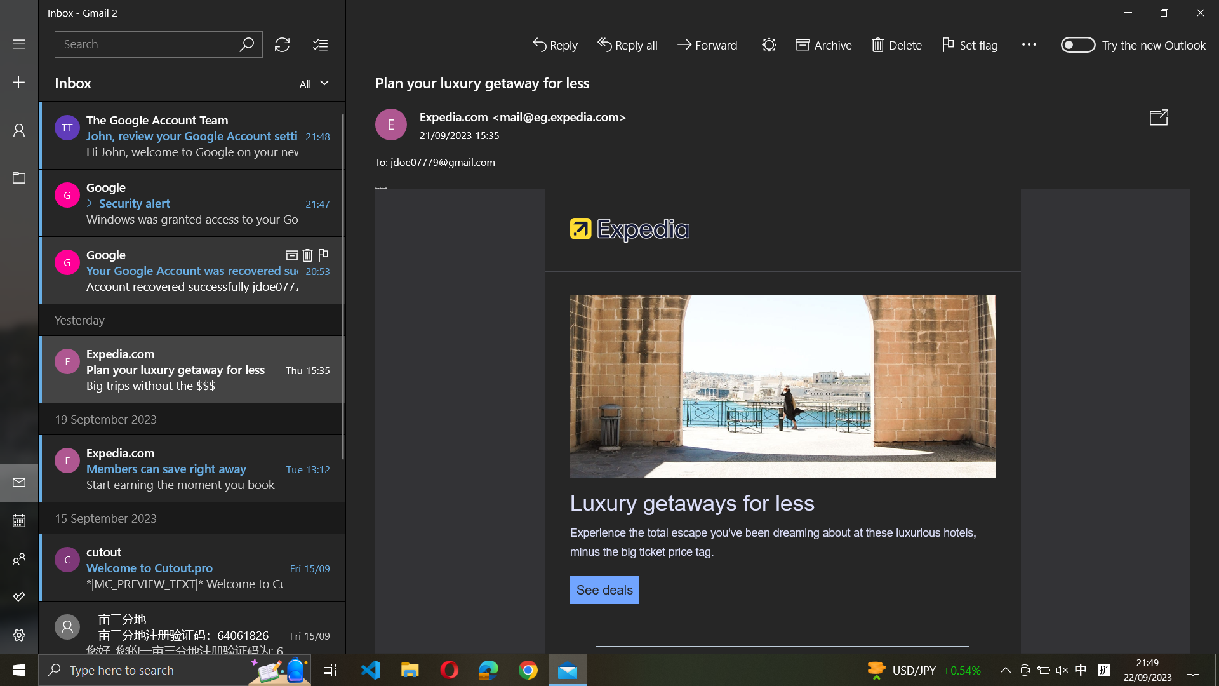 This screenshot has width=1219, height=686. What do you see at coordinates (157, 43) in the screenshot?
I see `Search for mail from Expedia.com` at bounding box center [157, 43].